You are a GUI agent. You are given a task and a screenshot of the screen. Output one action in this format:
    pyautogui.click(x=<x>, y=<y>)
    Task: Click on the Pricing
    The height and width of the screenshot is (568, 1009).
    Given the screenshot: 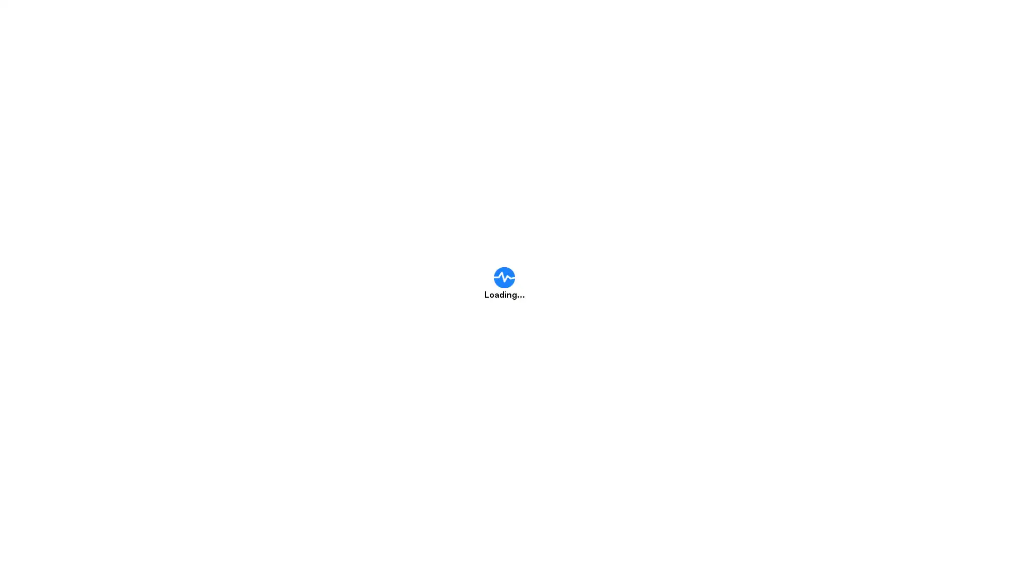 What is the action you would take?
    pyautogui.click(x=583, y=21)
    